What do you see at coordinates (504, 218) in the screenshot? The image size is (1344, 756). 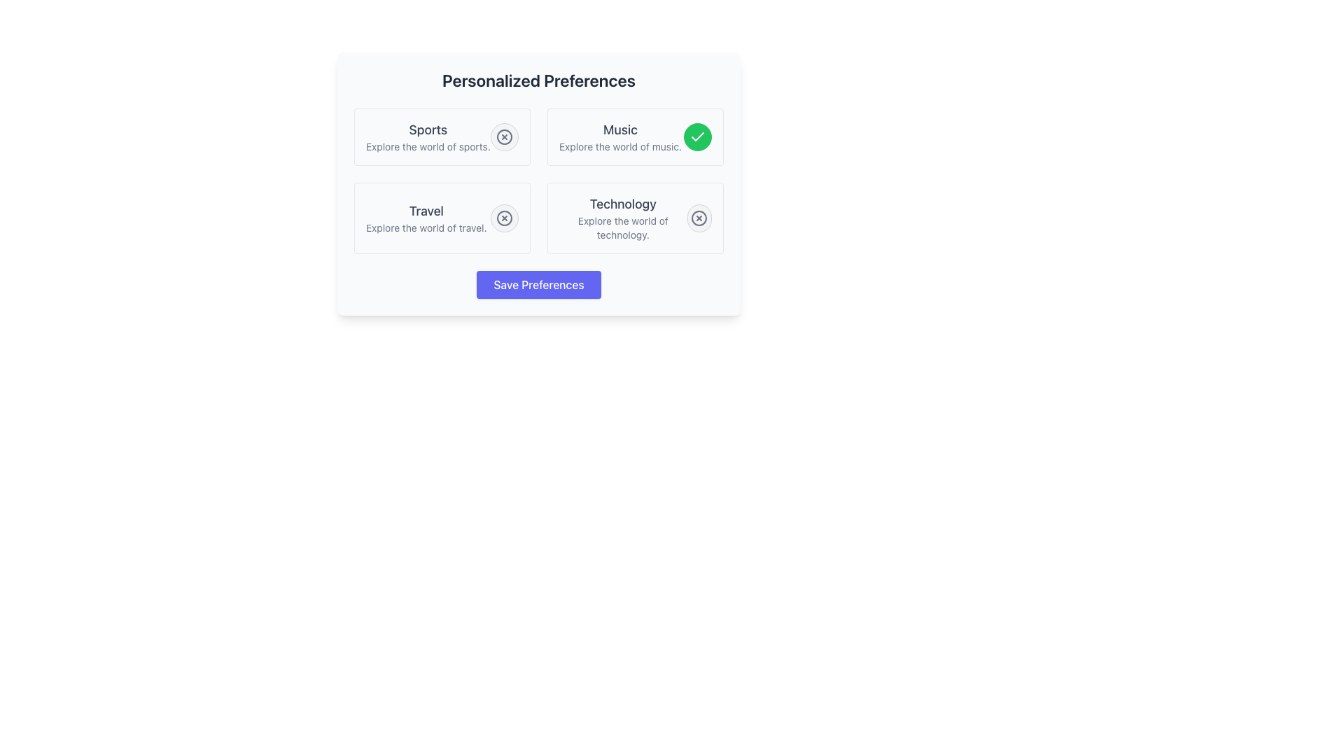 I see `the circular 'X' button located in the bottom row of the grid, which is used to deselect the travel option` at bounding box center [504, 218].